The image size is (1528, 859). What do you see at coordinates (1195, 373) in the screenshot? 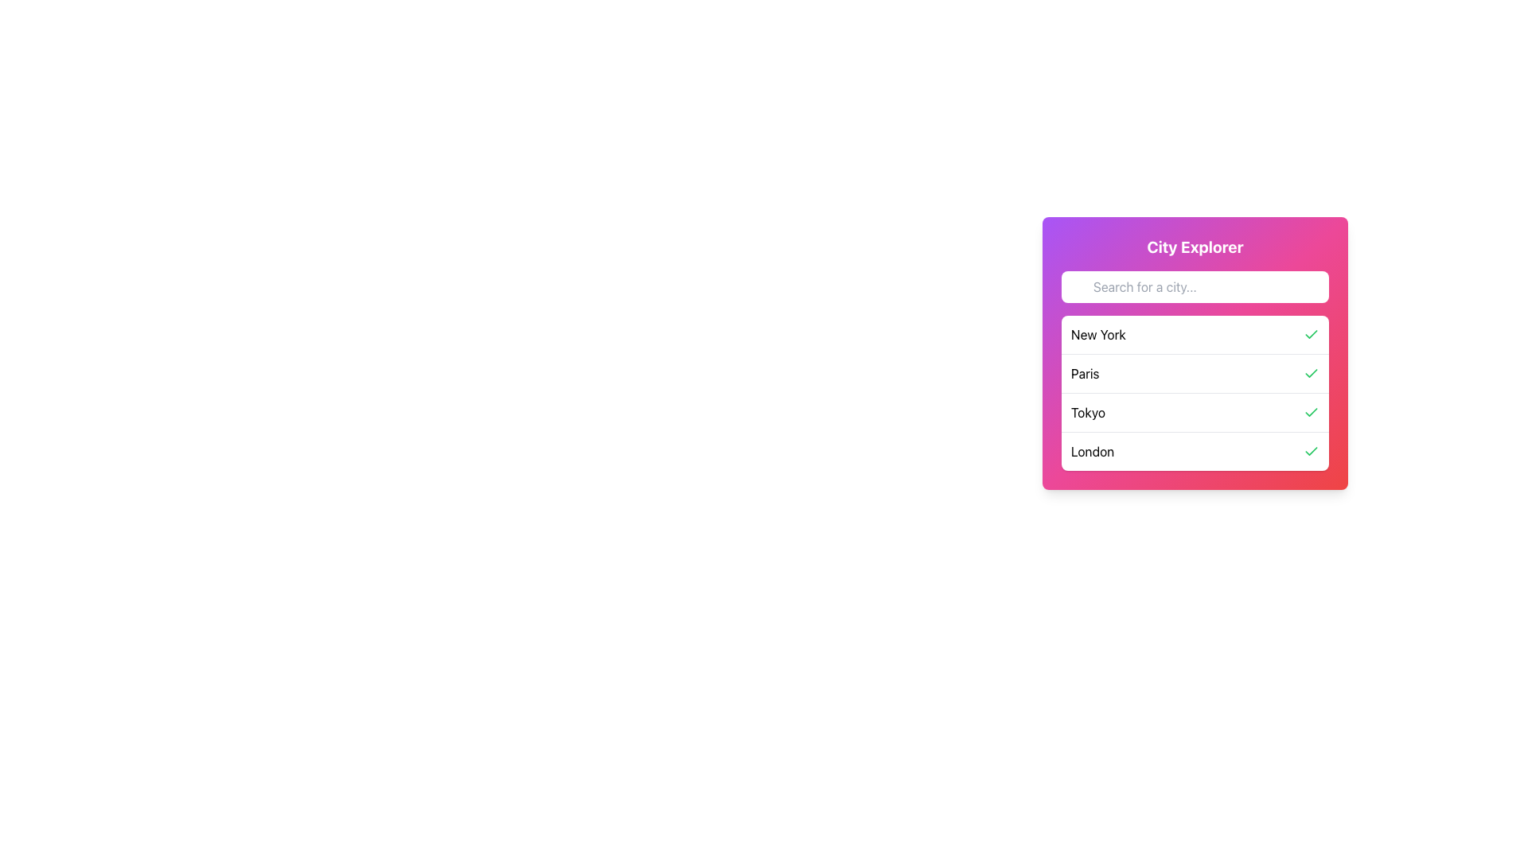
I see `the second item in the city selection list, which is 'Paris'` at bounding box center [1195, 373].